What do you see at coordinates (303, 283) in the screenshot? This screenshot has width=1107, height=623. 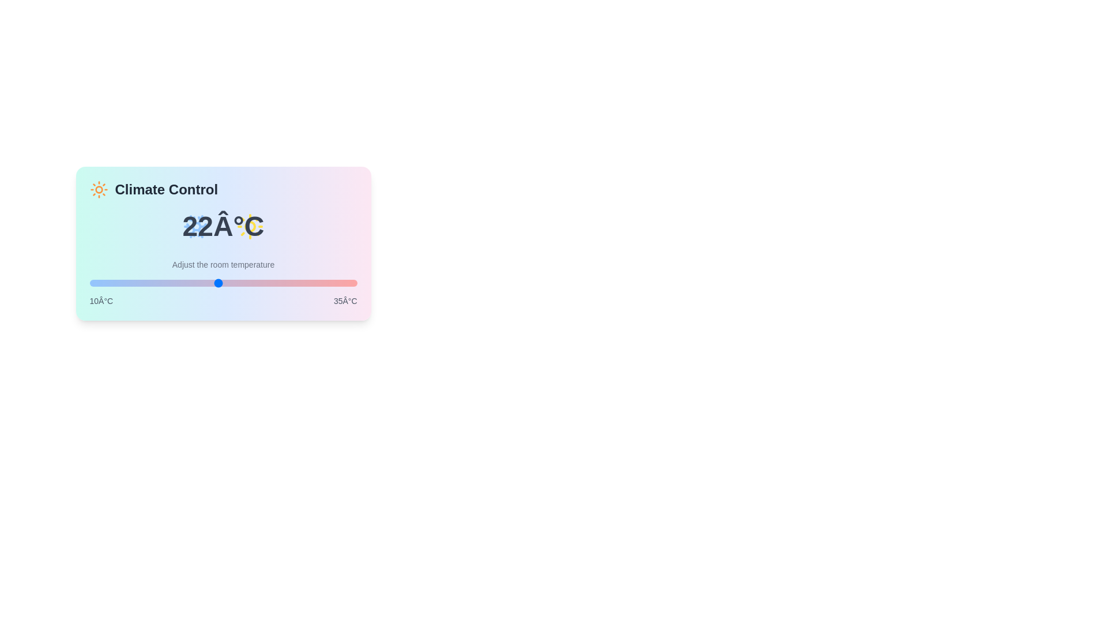 I see `the temperature slider to 30 degrees Celsius` at bounding box center [303, 283].